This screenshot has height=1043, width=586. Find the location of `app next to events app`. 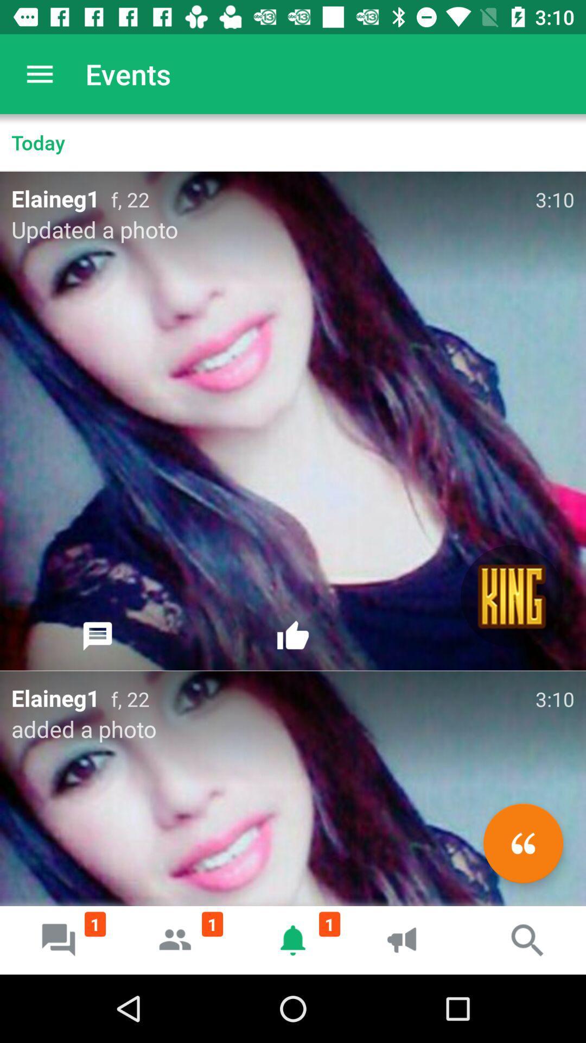

app next to events app is located at coordinates (39, 73).